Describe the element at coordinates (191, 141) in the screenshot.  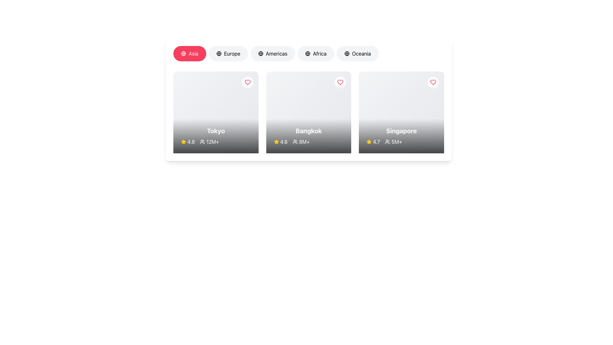
I see `the numeric rating text label '4.8' styled in white on a dark background located next to the yellow star icon in the card labeled 'Tokyo'` at that location.